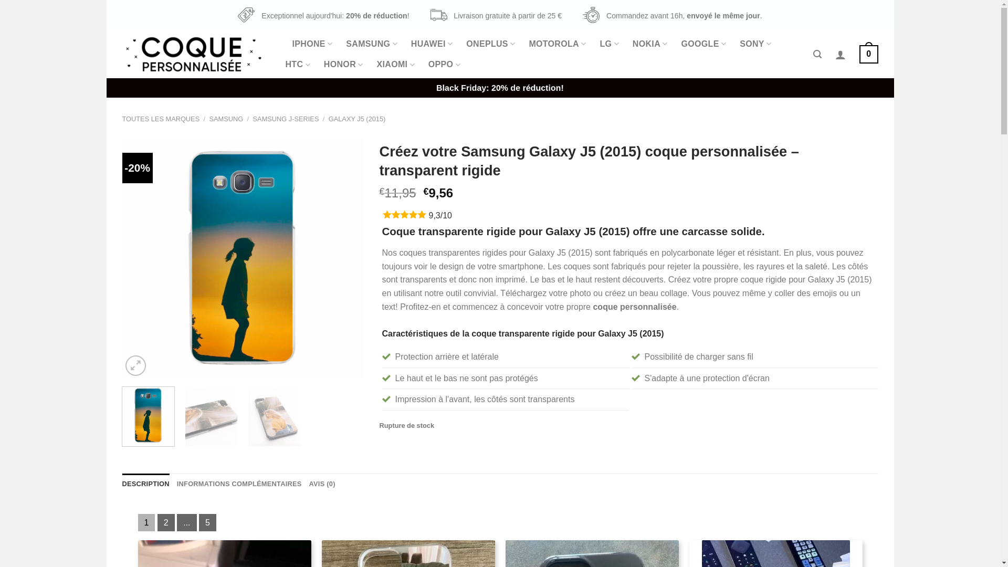 The width and height of the screenshot is (1008, 567). I want to click on 'IPHONE', so click(311, 43).